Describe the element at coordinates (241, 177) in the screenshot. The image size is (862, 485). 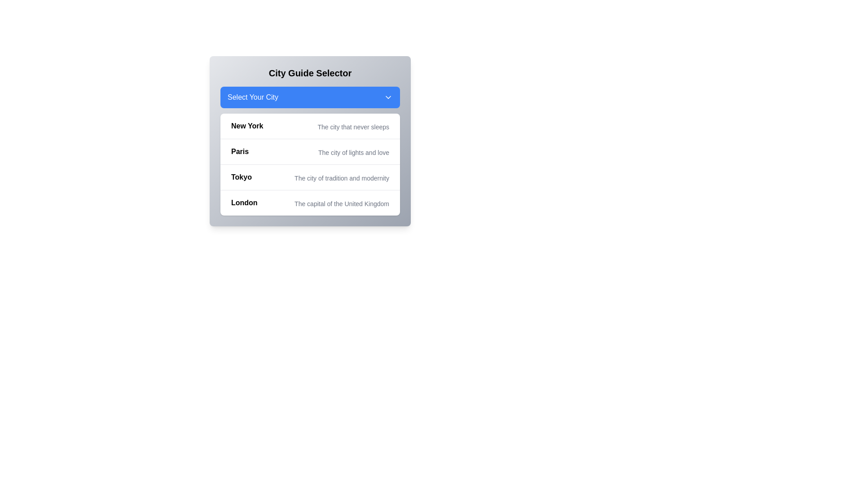
I see `the 'Tokyo' label, which is the title within the third entry of the 'City Guide Selector' dropdown panel, positioned above the description text and below the entries for 'New York' and 'Paris'` at that location.